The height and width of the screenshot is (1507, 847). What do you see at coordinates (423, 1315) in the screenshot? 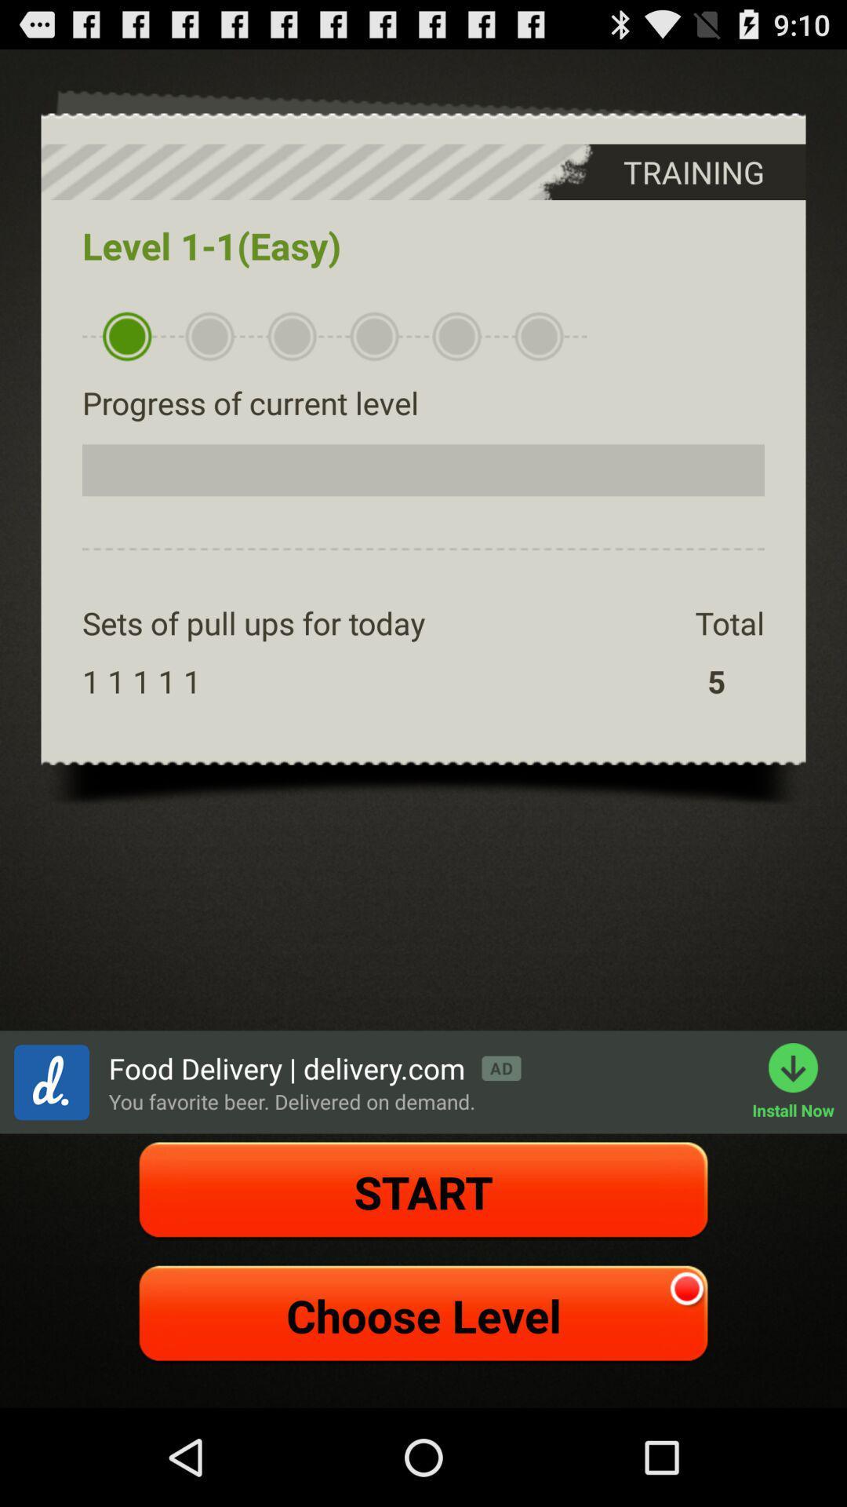
I see `choose level` at bounding box center [423, 1315].